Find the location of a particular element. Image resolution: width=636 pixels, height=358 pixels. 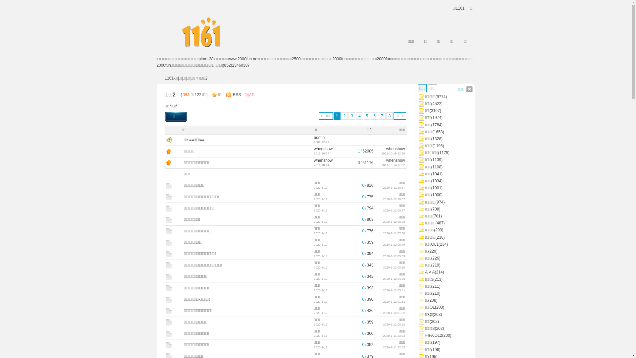

'2020-1-12 03:31' is located at coordinates (394, 290).